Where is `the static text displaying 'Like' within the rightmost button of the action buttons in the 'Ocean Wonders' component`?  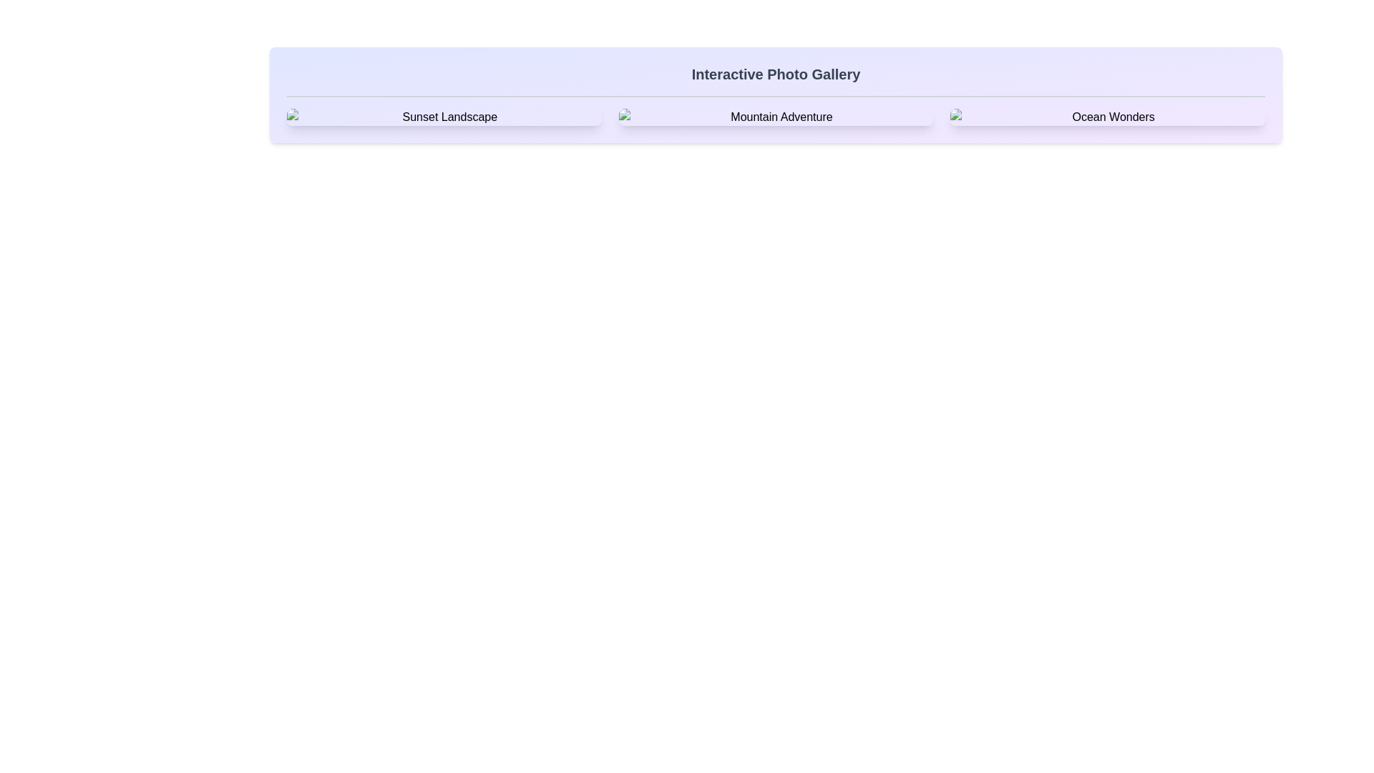 the static text displaying 'Like' within the rightmost button of the action buttons in the 'Ocean Wonders' component is located at coordinates (1157, 132).